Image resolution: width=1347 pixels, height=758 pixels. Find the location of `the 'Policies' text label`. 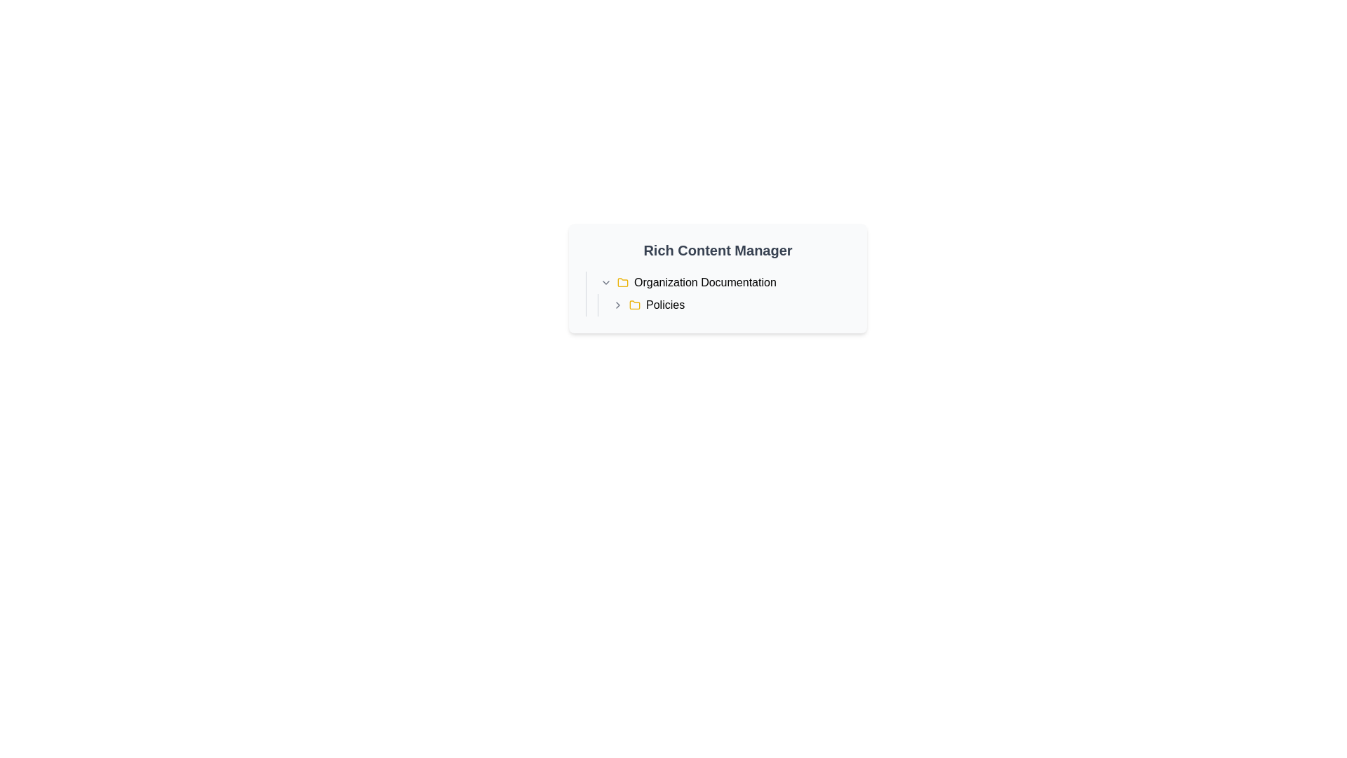

the 'Policies' text label is located at coordinates (664, 305).